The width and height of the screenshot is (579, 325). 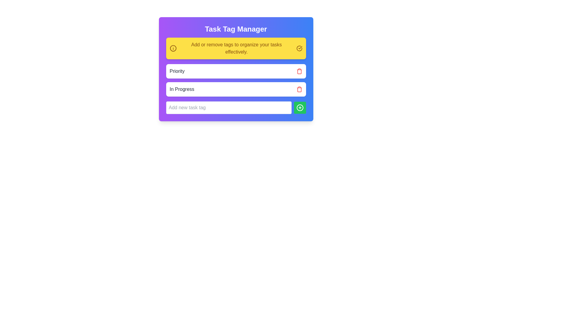 What do you see at coordinates (299, 71) in the screenshot?
I see `the delete button located to the far right of the 'Priority' section` at bounding box center [299, 71].